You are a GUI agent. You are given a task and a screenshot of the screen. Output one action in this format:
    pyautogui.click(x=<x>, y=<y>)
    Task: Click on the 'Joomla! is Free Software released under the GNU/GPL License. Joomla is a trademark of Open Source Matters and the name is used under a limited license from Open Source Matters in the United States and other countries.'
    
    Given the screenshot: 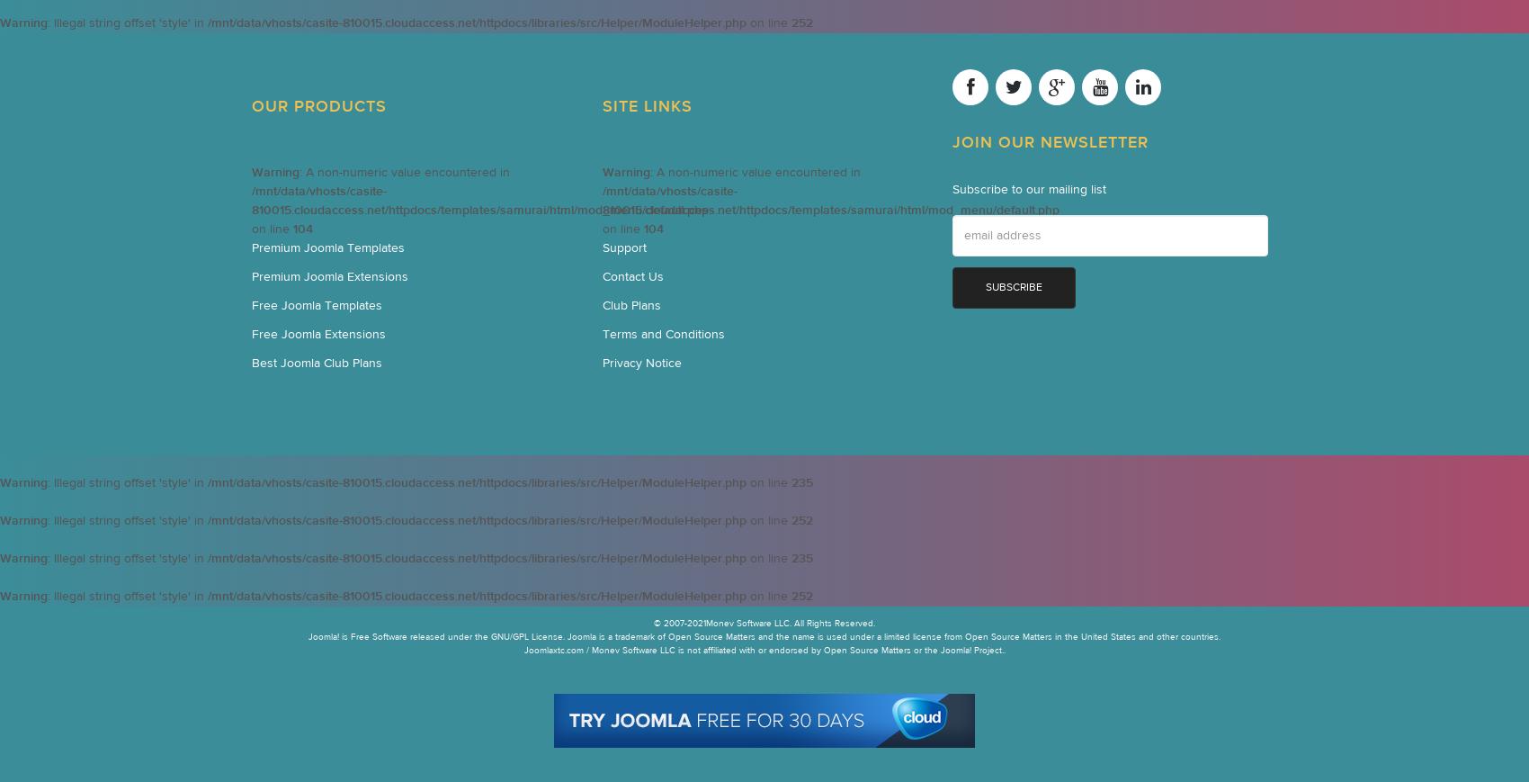 What is the action you would take?
    pyautogui.click(x=764, y=636)
    